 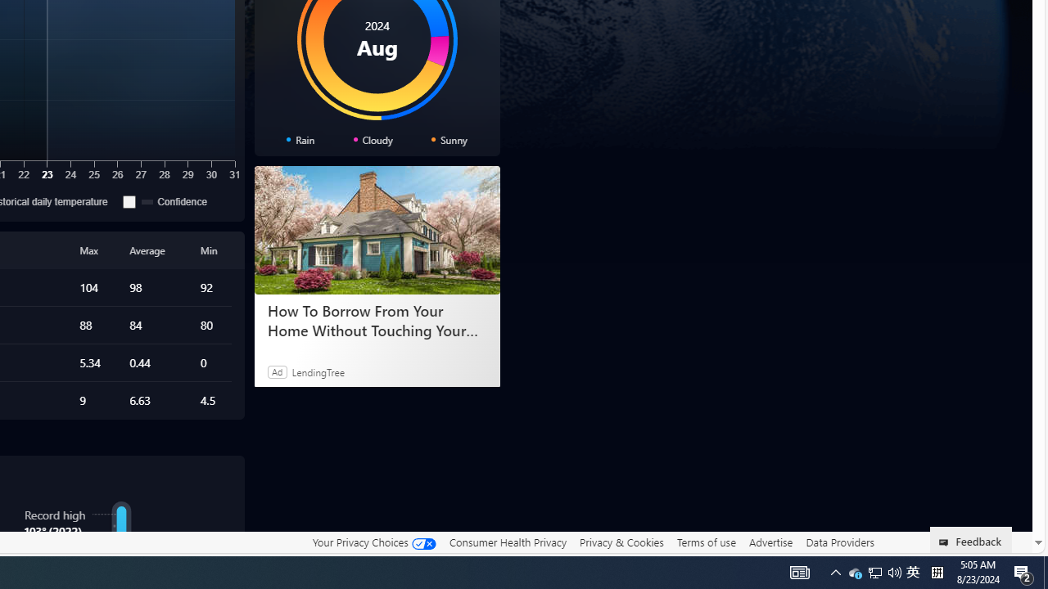 I want to click on 'Data Providers', so click(x=839, y=542).